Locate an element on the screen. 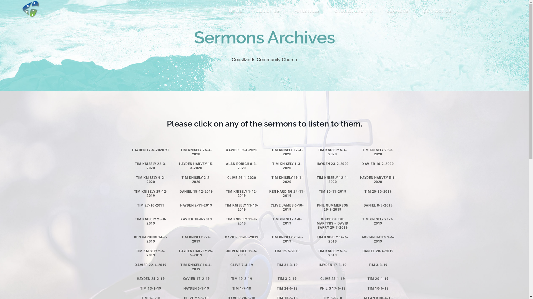 This screenshot has width=533, height=299. 'XAVIER 19-4-2020' is located at coordinates (242, 150).